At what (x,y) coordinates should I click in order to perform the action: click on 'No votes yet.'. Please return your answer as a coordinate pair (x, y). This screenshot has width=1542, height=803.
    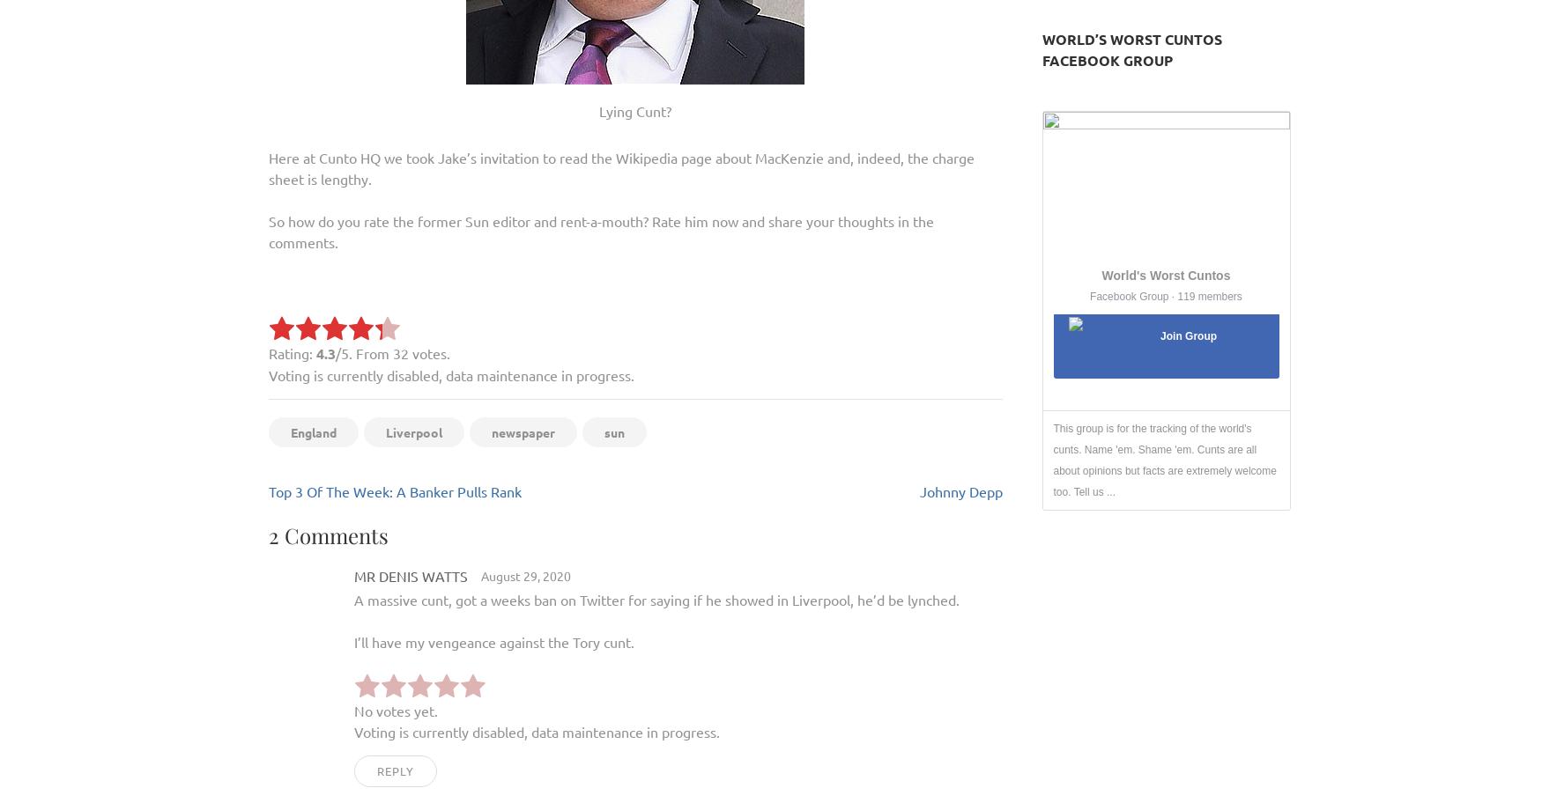
    Looking at the image, I should click on (352, 709).